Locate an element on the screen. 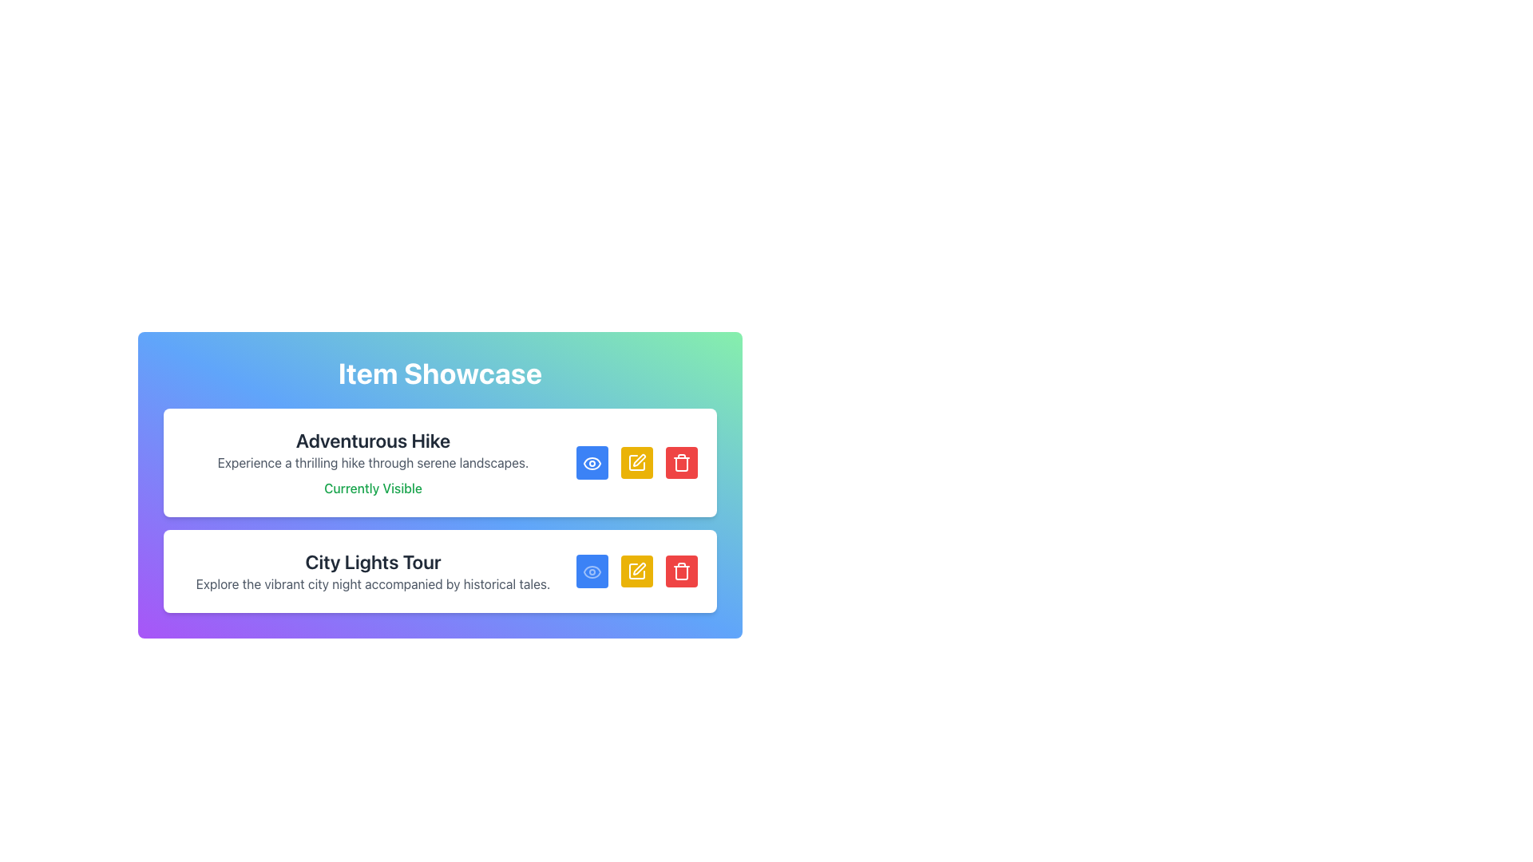 Image resolution: width=1533 pixels, height=862 pixels. the yellow pencil icon button in the action toolbar under the 'City Lights Tour' section is located at coordinates (640, 461).